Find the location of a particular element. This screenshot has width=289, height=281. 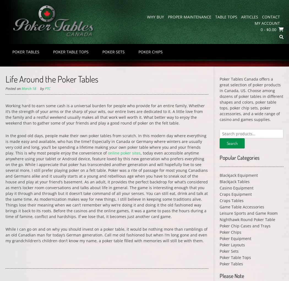

'Poker Chips' is located at coordinates (219, 232).